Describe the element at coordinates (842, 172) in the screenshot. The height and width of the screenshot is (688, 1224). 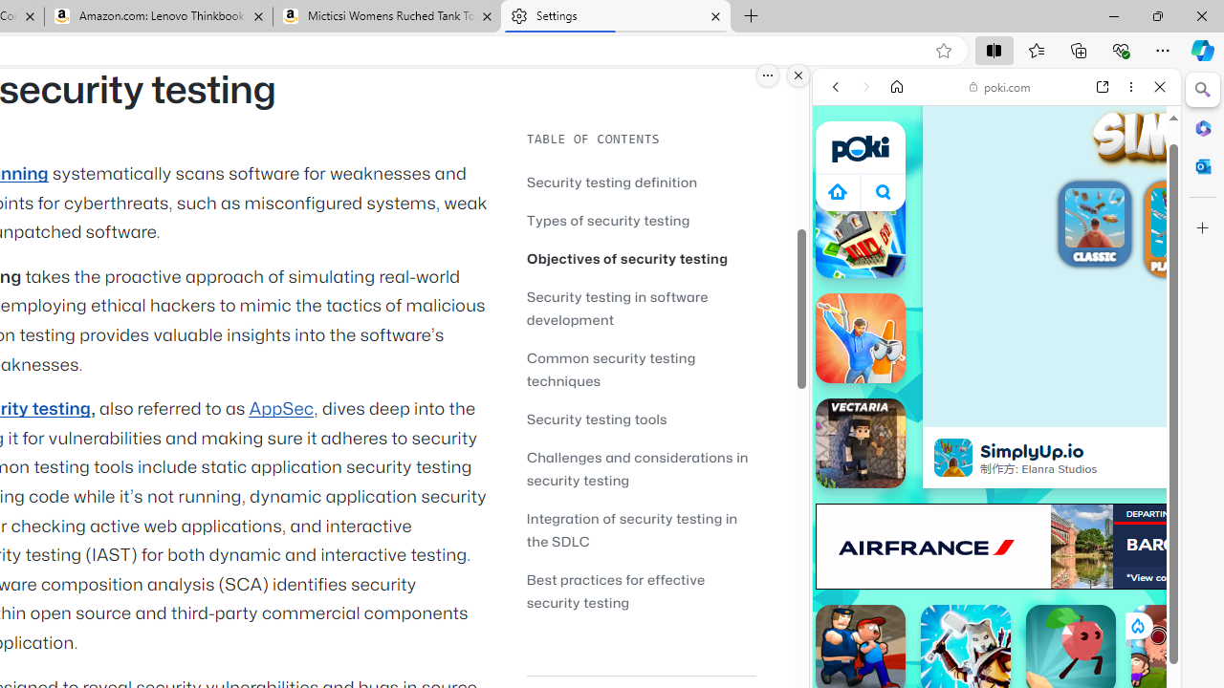
I see `'Web scope'` at that location.